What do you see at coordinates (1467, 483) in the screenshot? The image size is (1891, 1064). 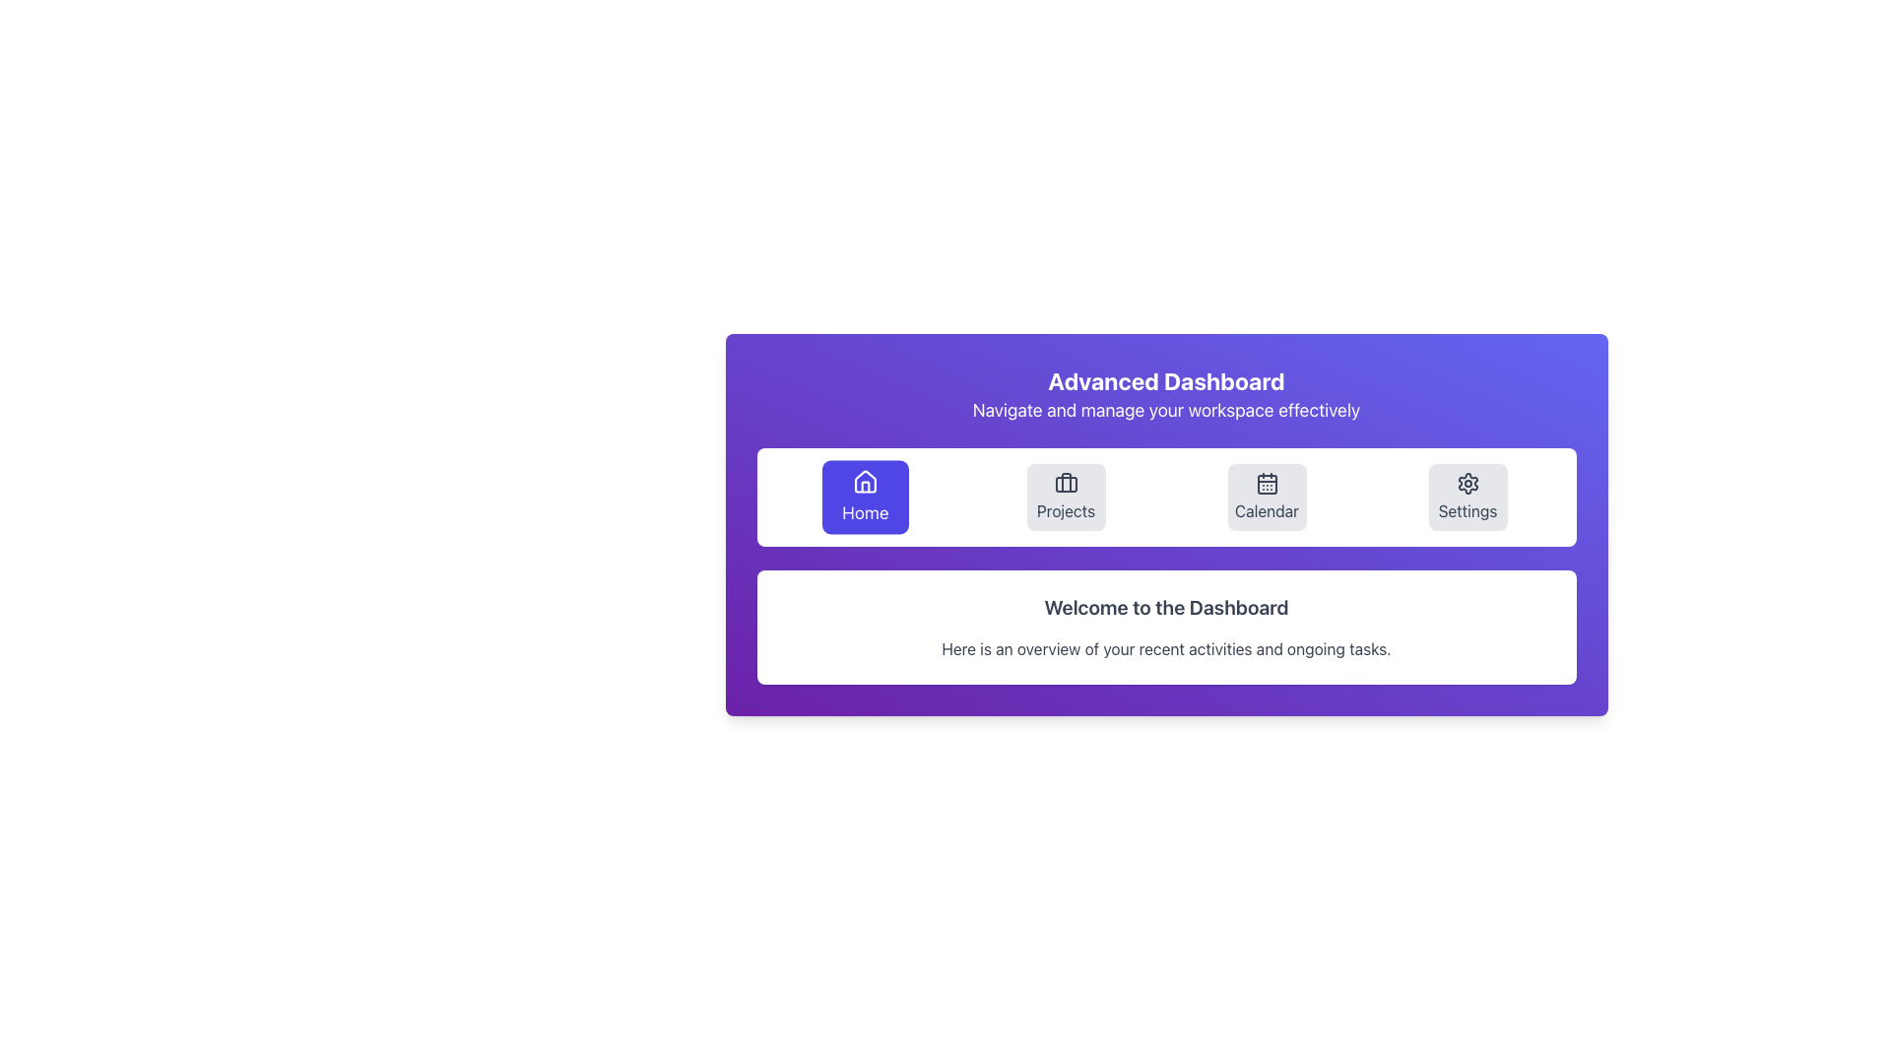 I see `the gear icon located at the far-right side of the horizontal menu bar` at bounding box center [1467, 483].